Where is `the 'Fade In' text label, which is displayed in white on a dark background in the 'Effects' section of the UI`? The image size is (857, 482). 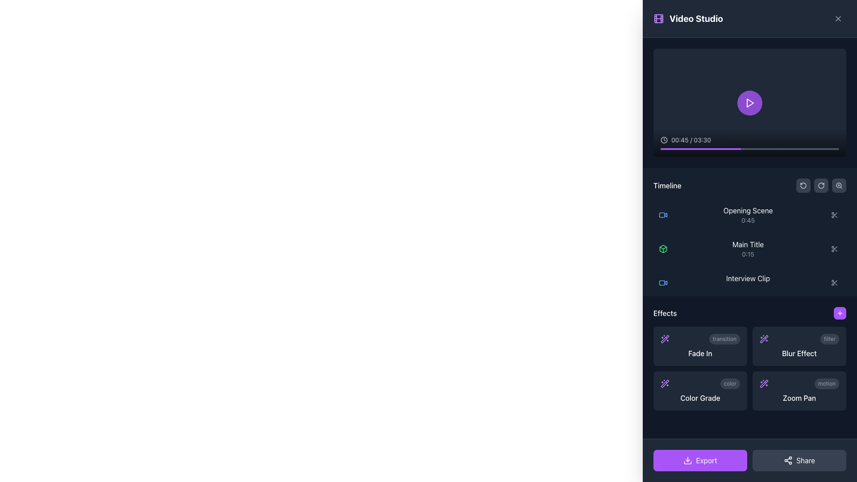
the 'Fade In' text label, which is displayed in white on a dark background in the 'Effects' section of the UI is located at coordinates (700, 353).